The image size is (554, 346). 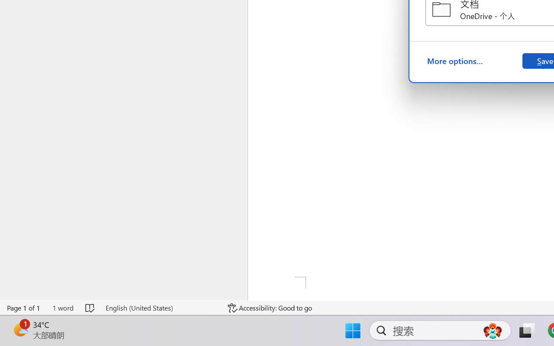 What do you see at coordinates (62, 308) in the screenshot?
I see `'Word Count 1 word'` at bounding box center [62, 308].